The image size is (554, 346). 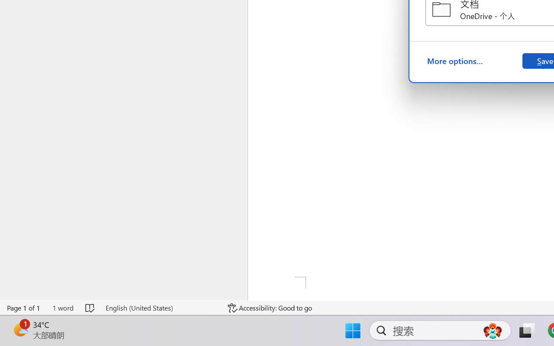 What do you see at coordinates (62, 308) in the screenshot?
I see `'Word Count 1 word'` at bounding box center [62, 308].